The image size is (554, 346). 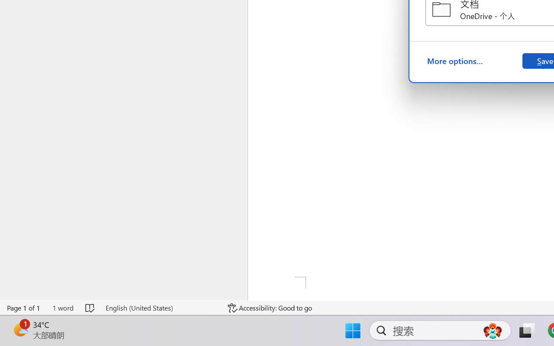 What do you see at coordinates (62, 308) in the screenshot?
I see `'Word Count 1 word'` at bounding box center [62, 308].